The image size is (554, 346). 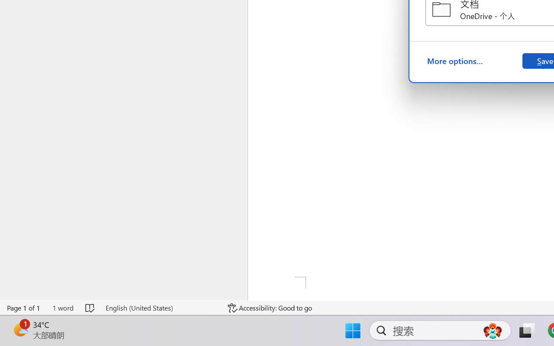 What do you see at coordinates (62, 308) in the screenshot?
I see `'Word Count 1 word'` at bounding box center [62, 308].